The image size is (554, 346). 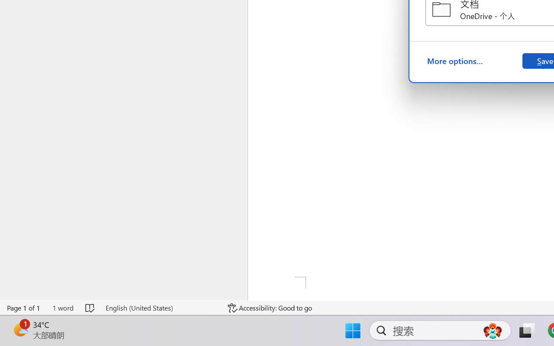 What do you see at coordinates (62, 308) in the screenshot?
I see `'Word Count 1 word'` at bounding box center [62, 308].